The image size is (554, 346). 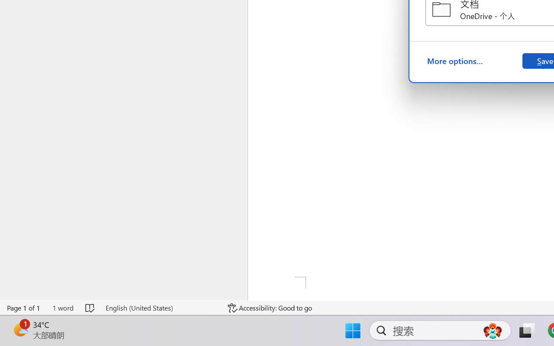 What do you see at coordinates (62, 308) in the screenshot?
I see `'Word Count 1 word'` at bounding box center [62, 308].